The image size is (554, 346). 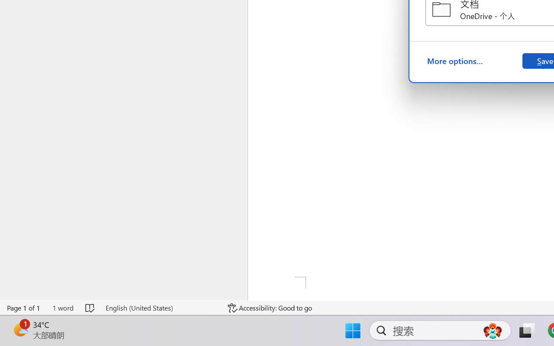 What do you see at coordinates (62, 308) in the screenshot?
I see `'Word Count 1 word'` at bounding box center [62, 308].